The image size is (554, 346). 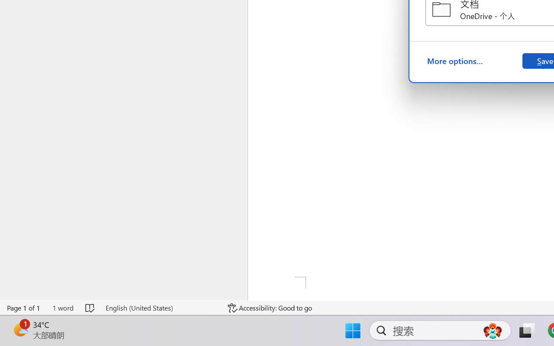 What do you see at coordinates (62, 308) in the screenshot?
I see `'Word Count 1 word'` at bounding box center [62, 308].